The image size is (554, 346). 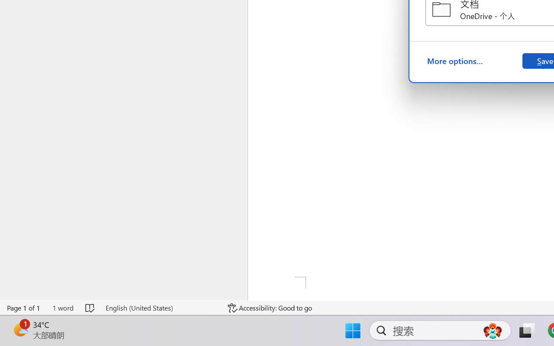 What do you see at coordinates (62, 308) in the screenshot?
I see `'Word Count 1 word'` at bounding box center [62, 308].